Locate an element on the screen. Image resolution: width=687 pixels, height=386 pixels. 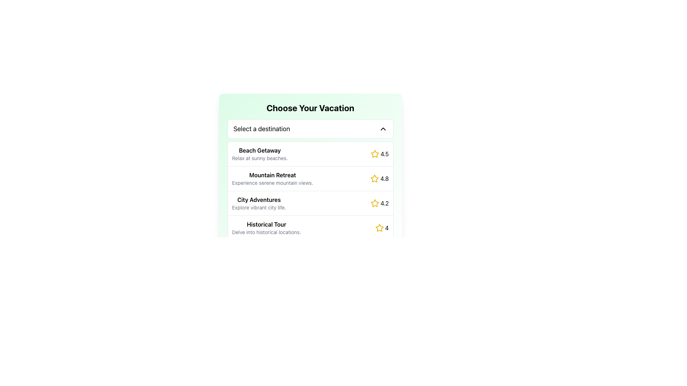
subtitle text label that provides supporting information for the 'City Adventures' header, located directly below it is located at coordinates (259, 208).